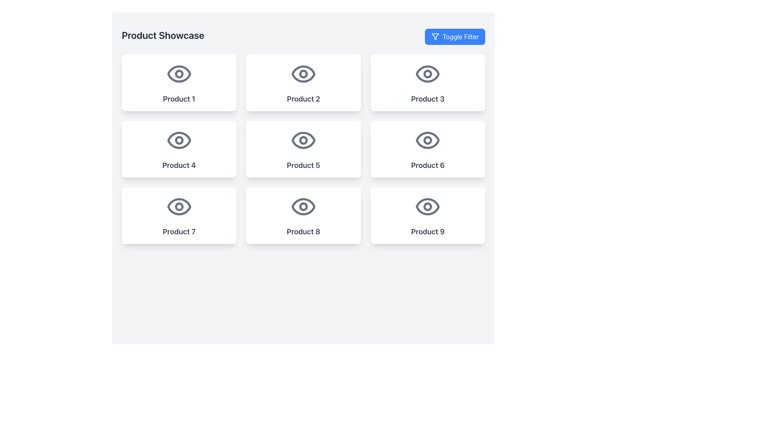 This screenshot has width=777, height=437. What do you see at coordinates (427, 140) in the screenshot?
I see `the central circle of the 'eye' icon that represents 'Product 6' in the second row and third column of a 3x3 grid layout` at bounding box center [427, 140].